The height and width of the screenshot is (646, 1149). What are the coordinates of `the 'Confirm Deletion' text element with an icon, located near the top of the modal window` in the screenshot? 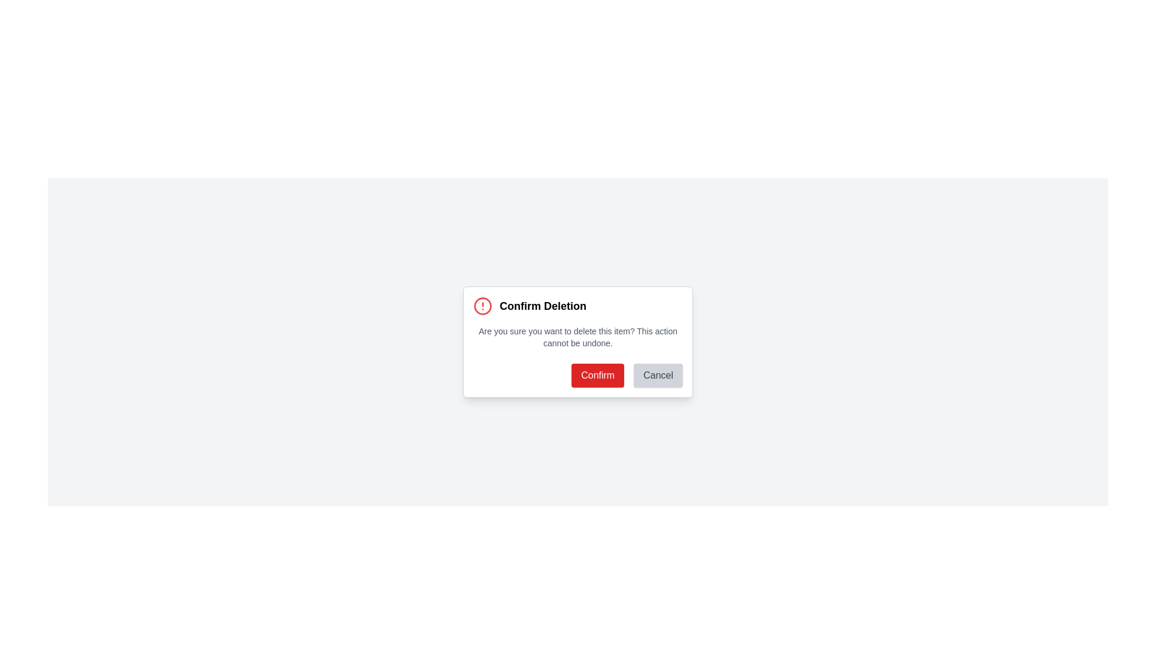 It's located at (577, 306).